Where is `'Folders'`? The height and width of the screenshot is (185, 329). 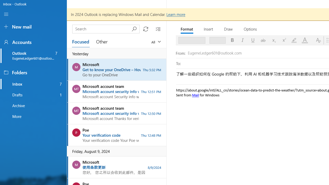 'Folders' is located at coordinates (33, 72).